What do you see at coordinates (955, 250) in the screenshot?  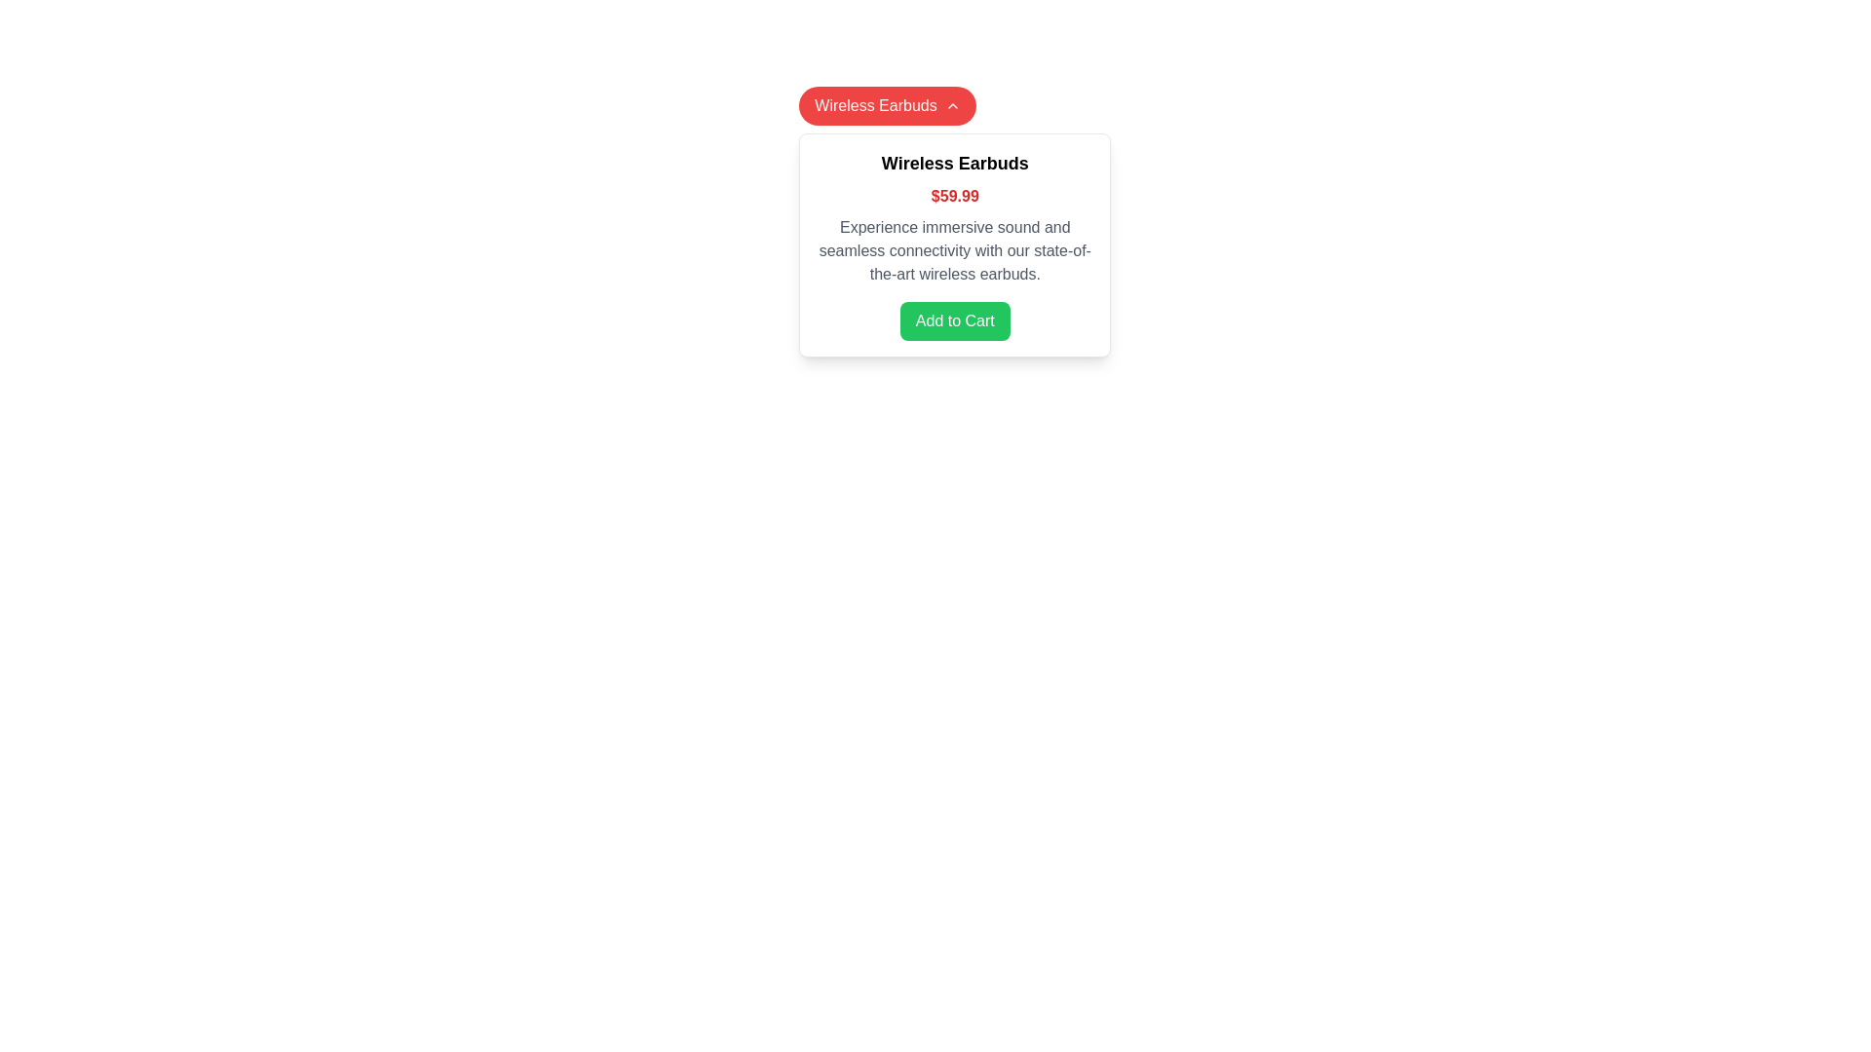 I see `the informational text about the product features located in the white card box beneath the title 'Wireless Earbuds' and above the 'Add to Cart' button` at bounding box center [955, 250].